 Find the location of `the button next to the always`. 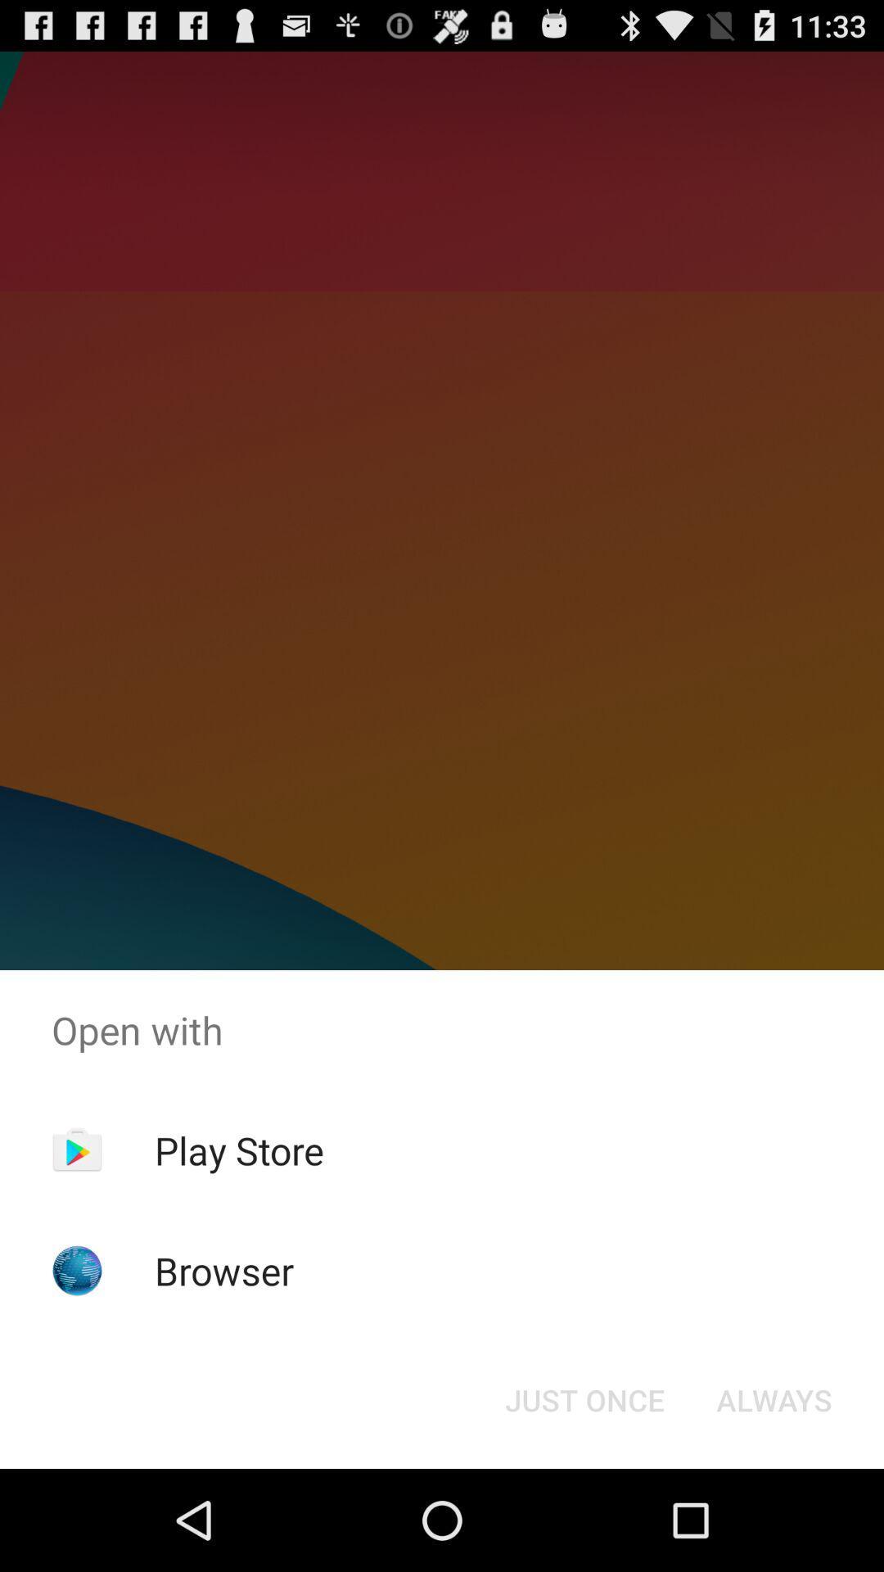

the button next to the always is located at coordinates (584, 1398).